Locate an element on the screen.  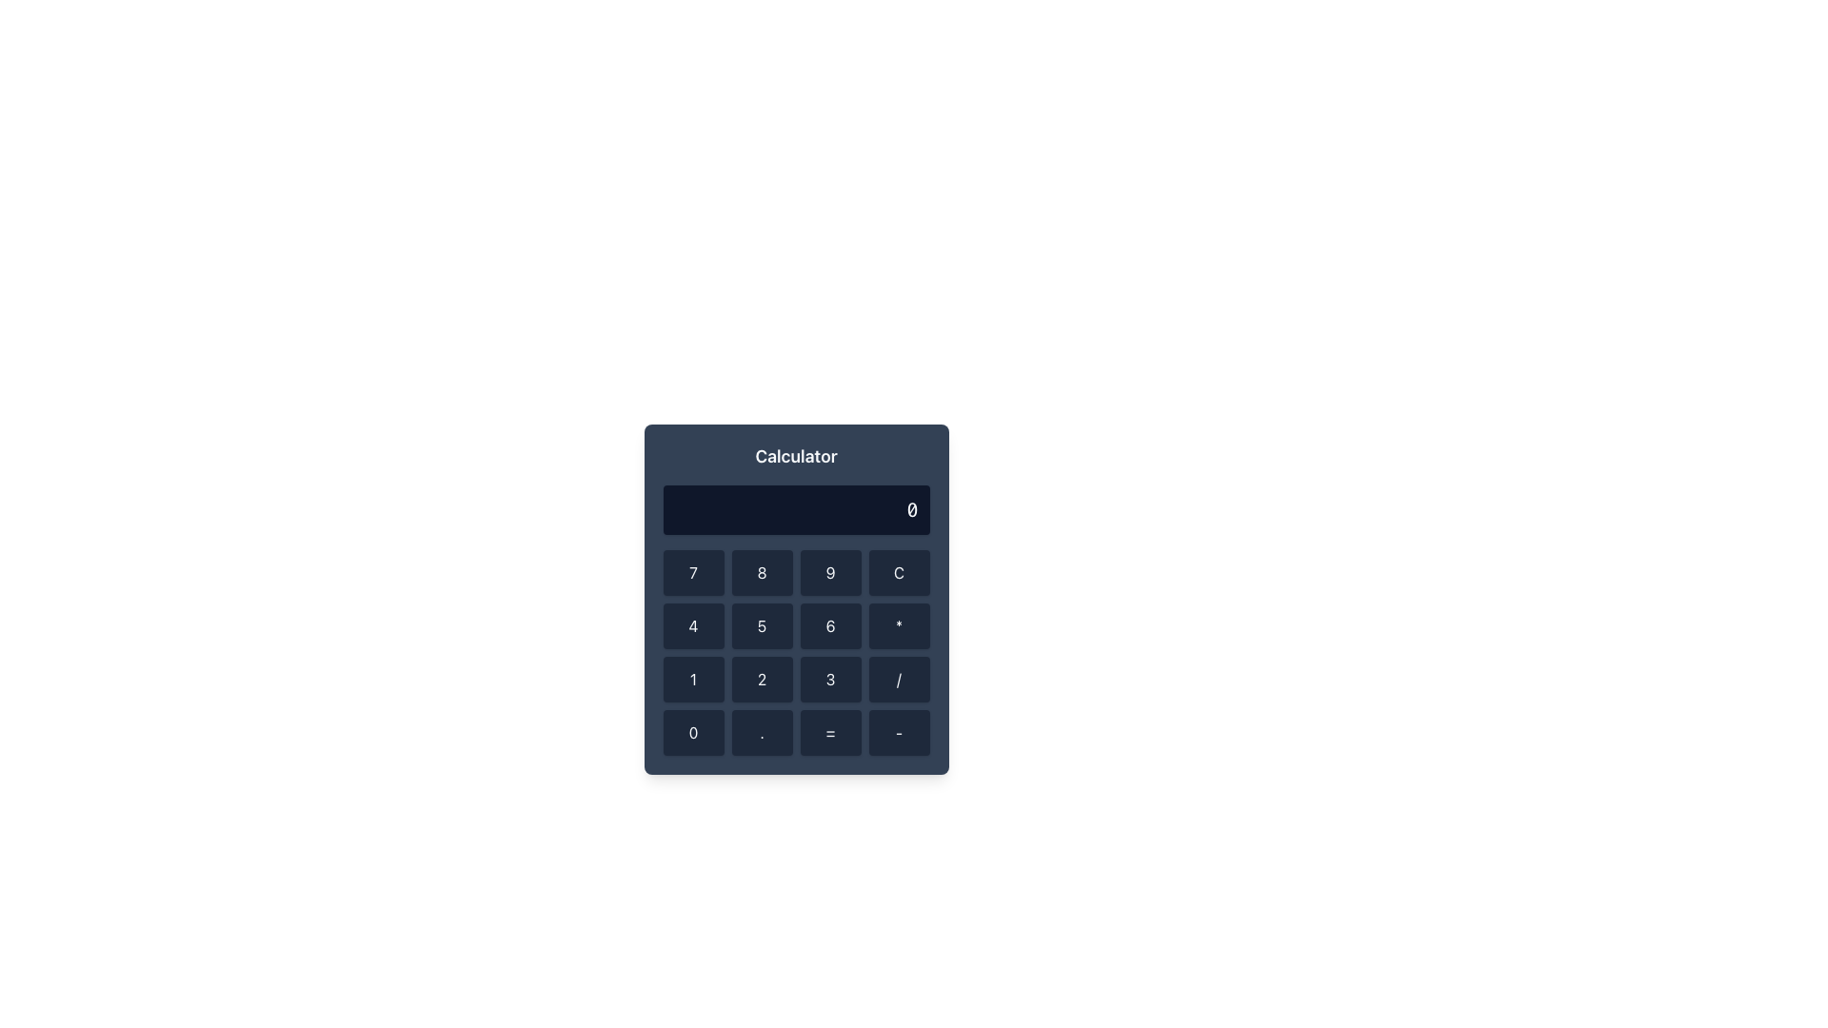
the '4' button on the calculator to input the digit '4' into the calculation field is located at coordinates (692, 626).